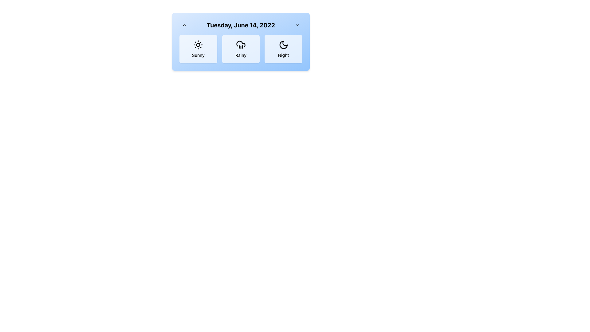 This screenshot has width=590, height=332. Describe the element at coordinates (283, 49) in the screenshot. I see `the Option Card labeled 'Night'` at that location.